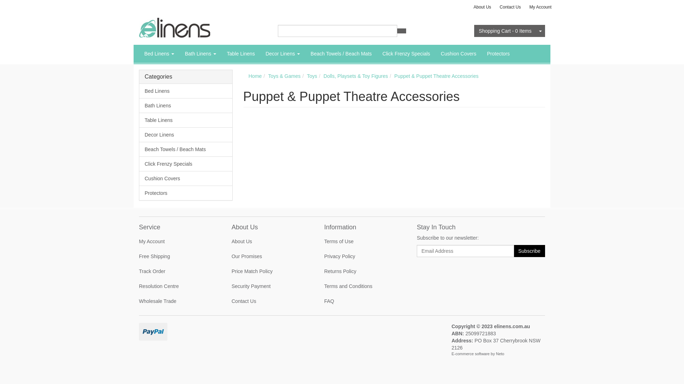  Describe the element at coordinates (226, 286) in the screenshot. I see `'Security Payment'` at that location.